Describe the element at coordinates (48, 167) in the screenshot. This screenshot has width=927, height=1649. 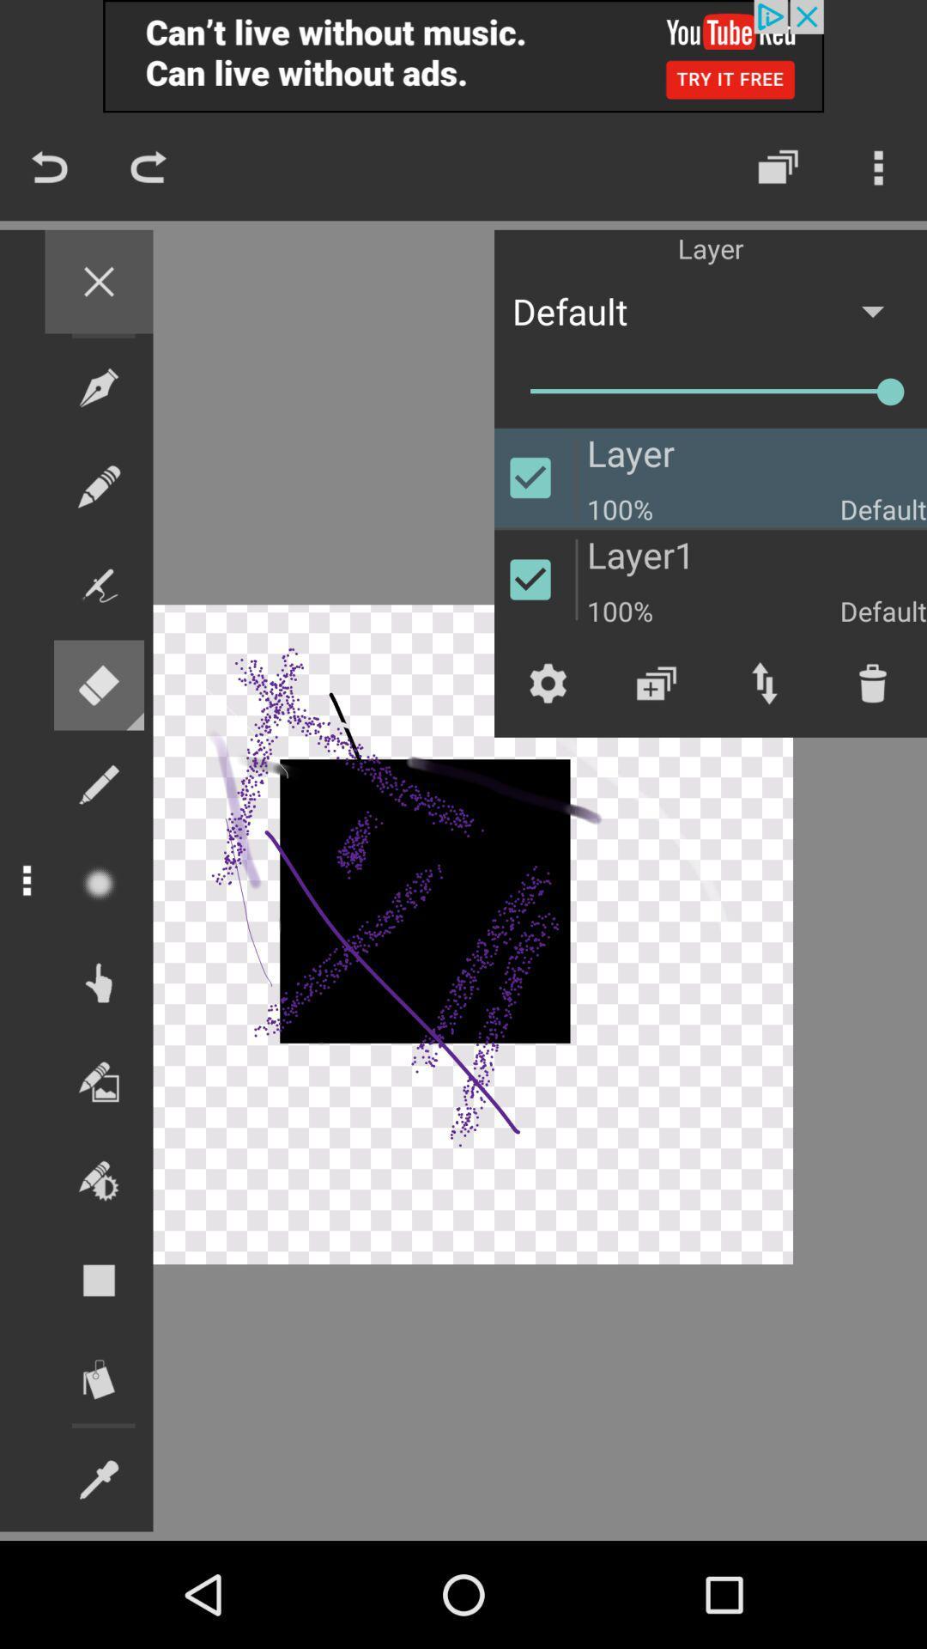
I see `the undo icon` at that location.